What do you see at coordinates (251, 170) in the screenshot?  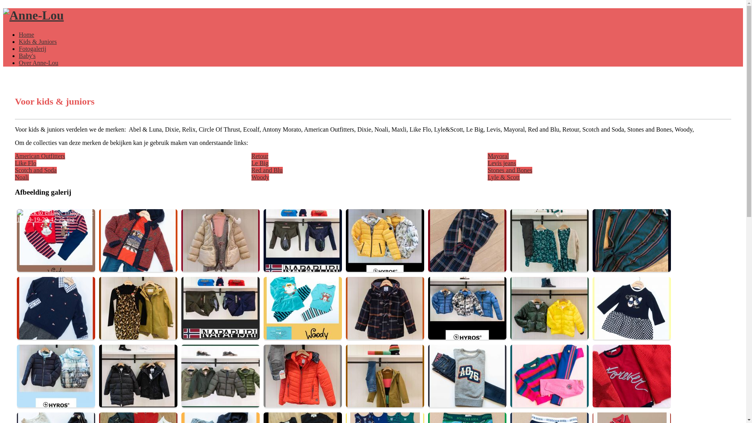 I see `'Red and Blu'` at bounding box center [251, 170].